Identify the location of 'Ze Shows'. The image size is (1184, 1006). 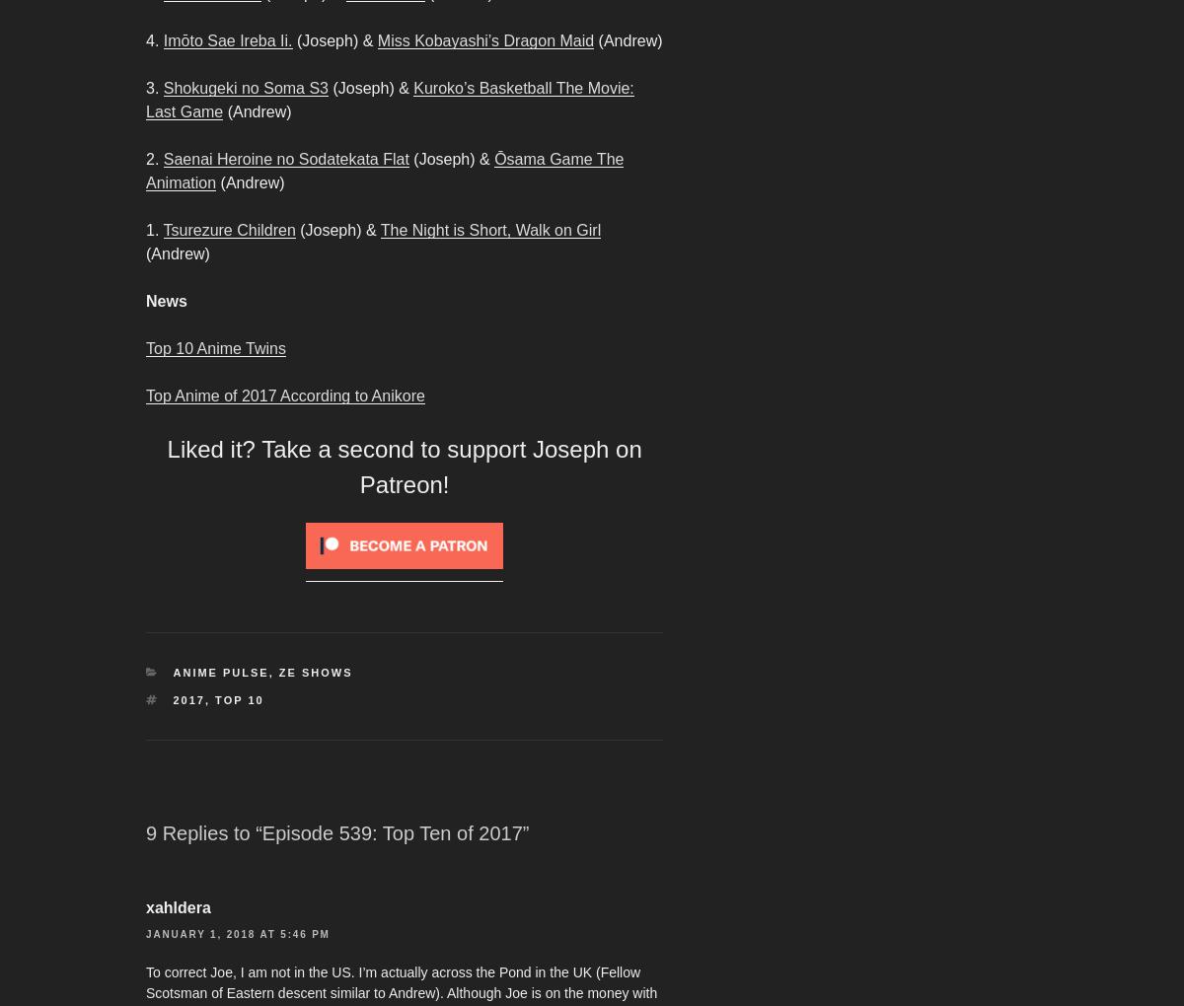
(315, 671).